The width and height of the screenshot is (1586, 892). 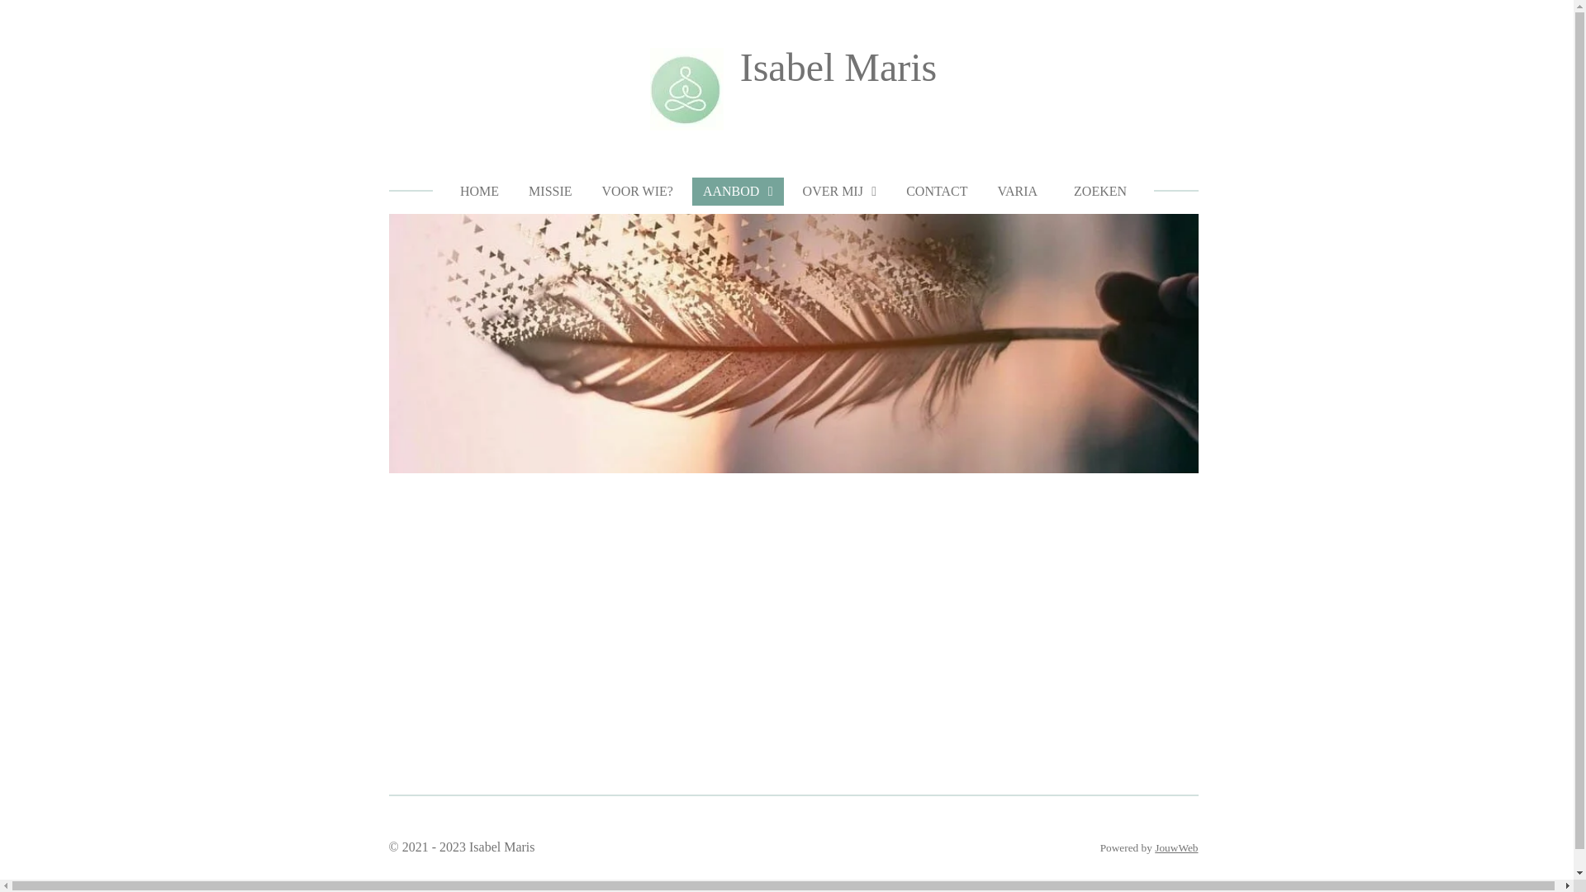 I want to click on 'JouwWeb', so click(x=1175, y=847).